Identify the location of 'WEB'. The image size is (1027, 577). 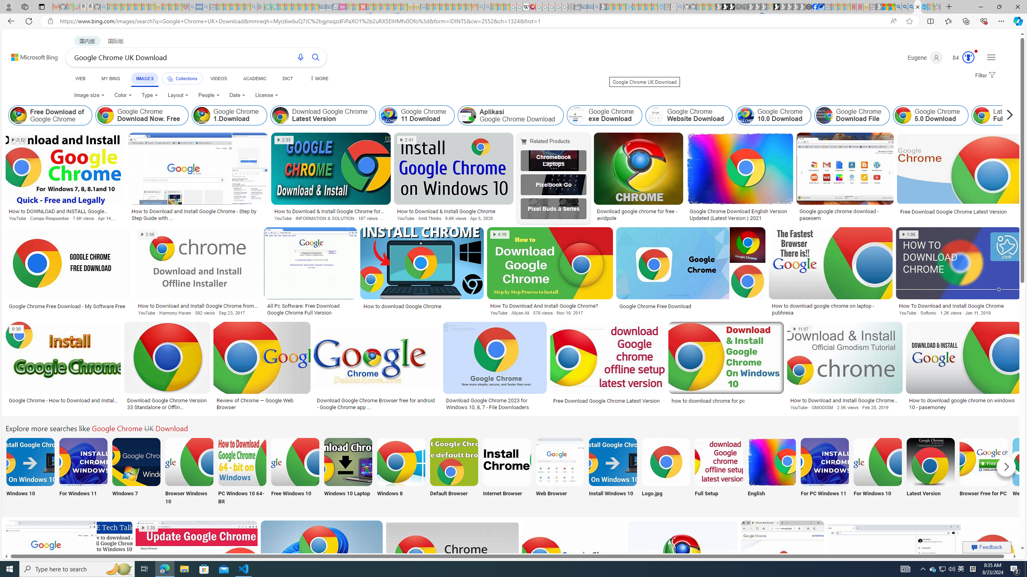
(80, 78).